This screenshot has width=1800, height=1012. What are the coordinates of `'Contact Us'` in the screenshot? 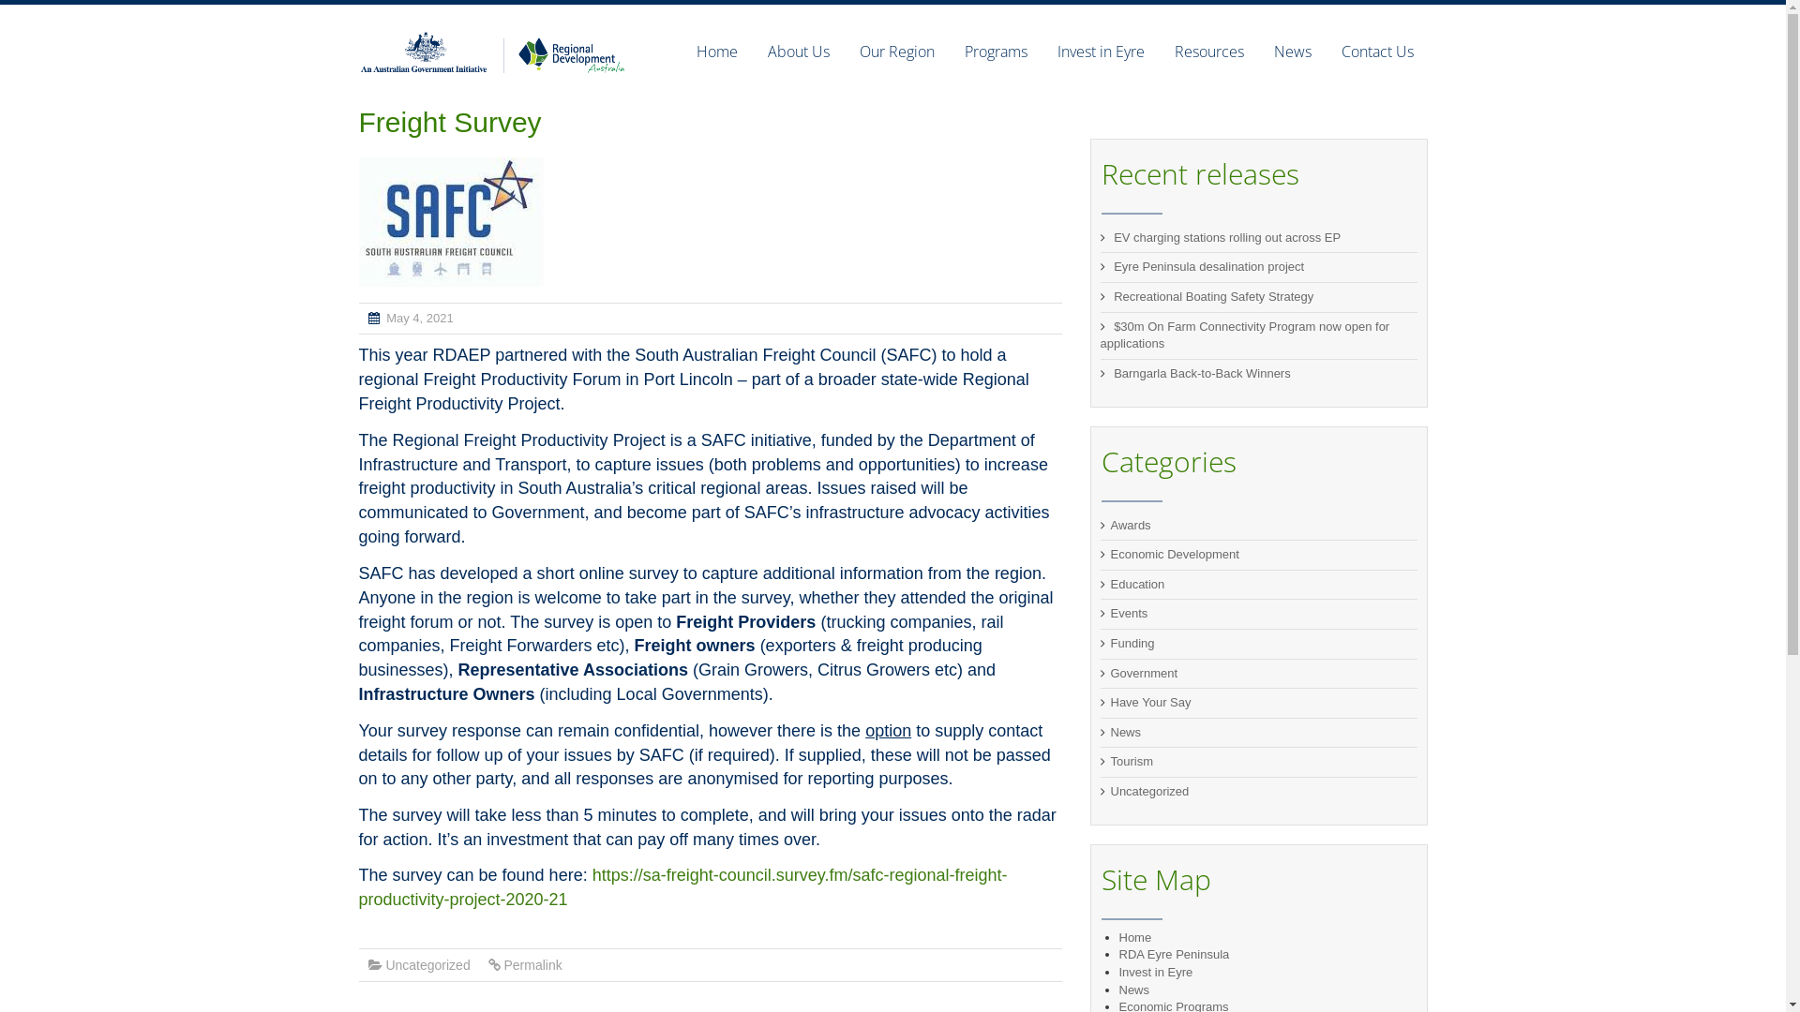 It's located at (1369, 50).